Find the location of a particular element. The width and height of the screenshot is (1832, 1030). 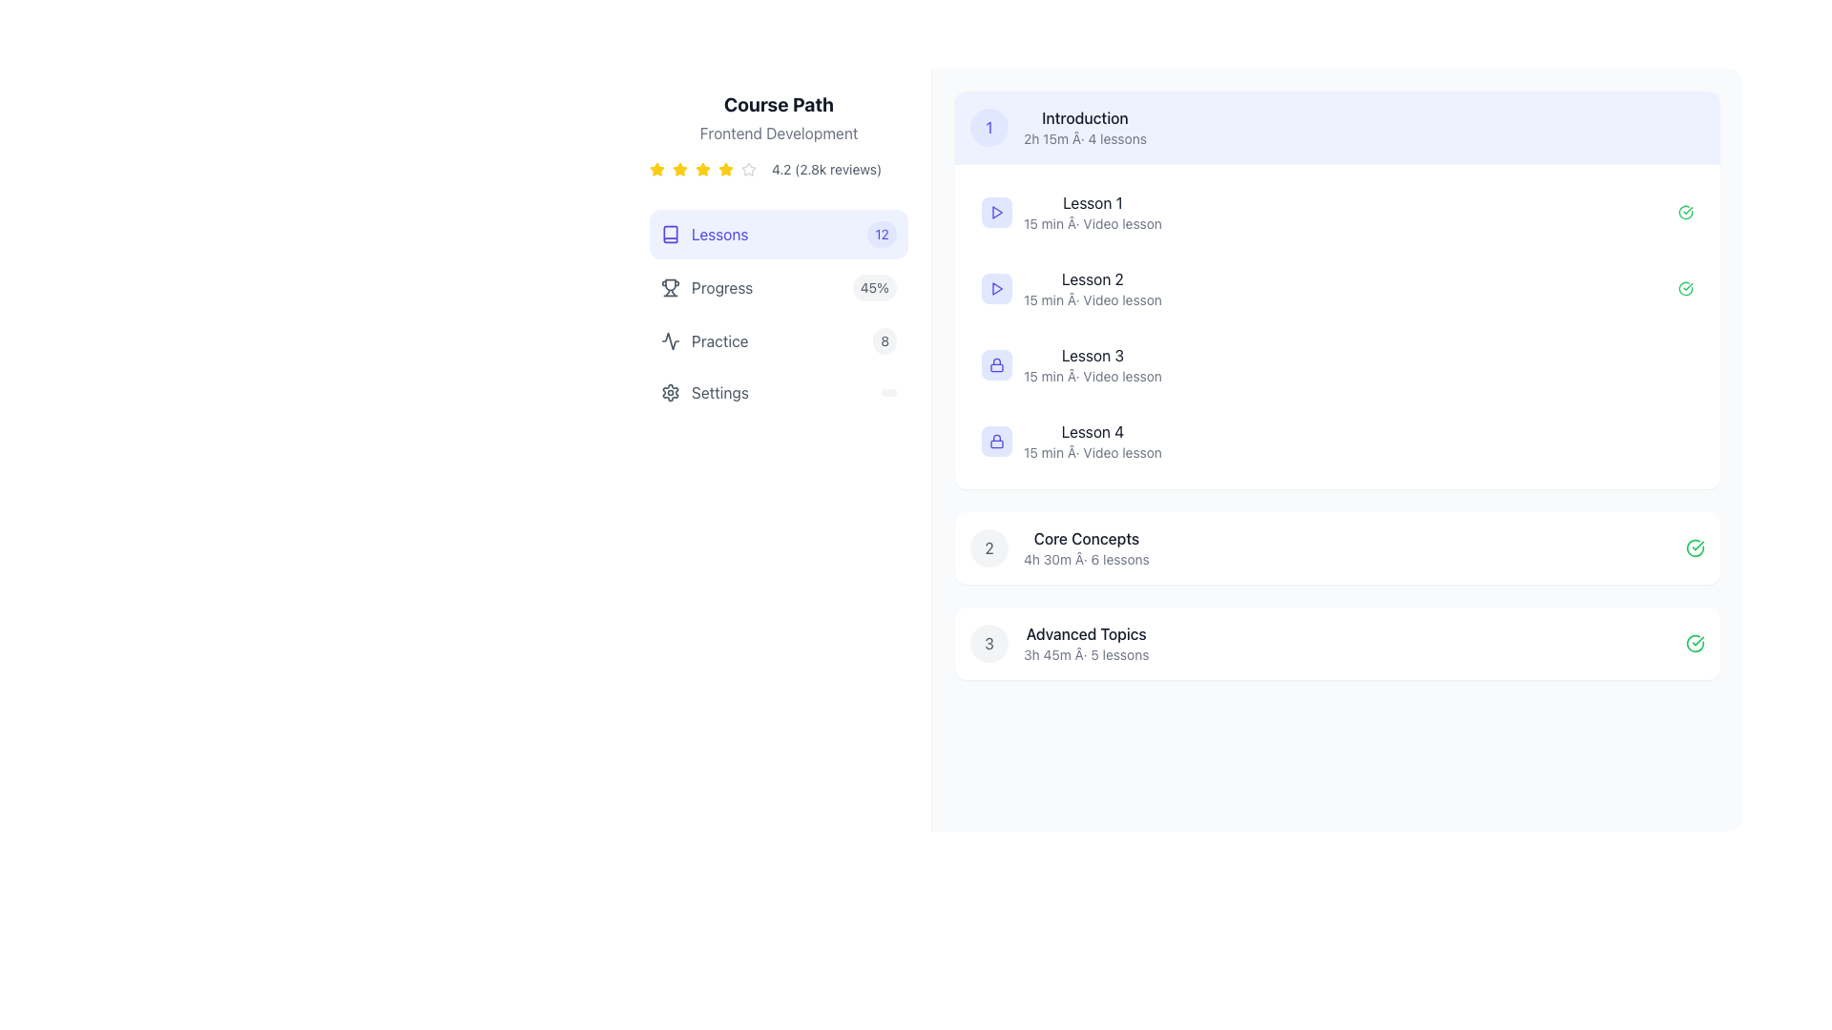

the 'Lesson 4' text label, which serves as the title of the fourth lesson in the course layout is located at coordinates (1093, 431).